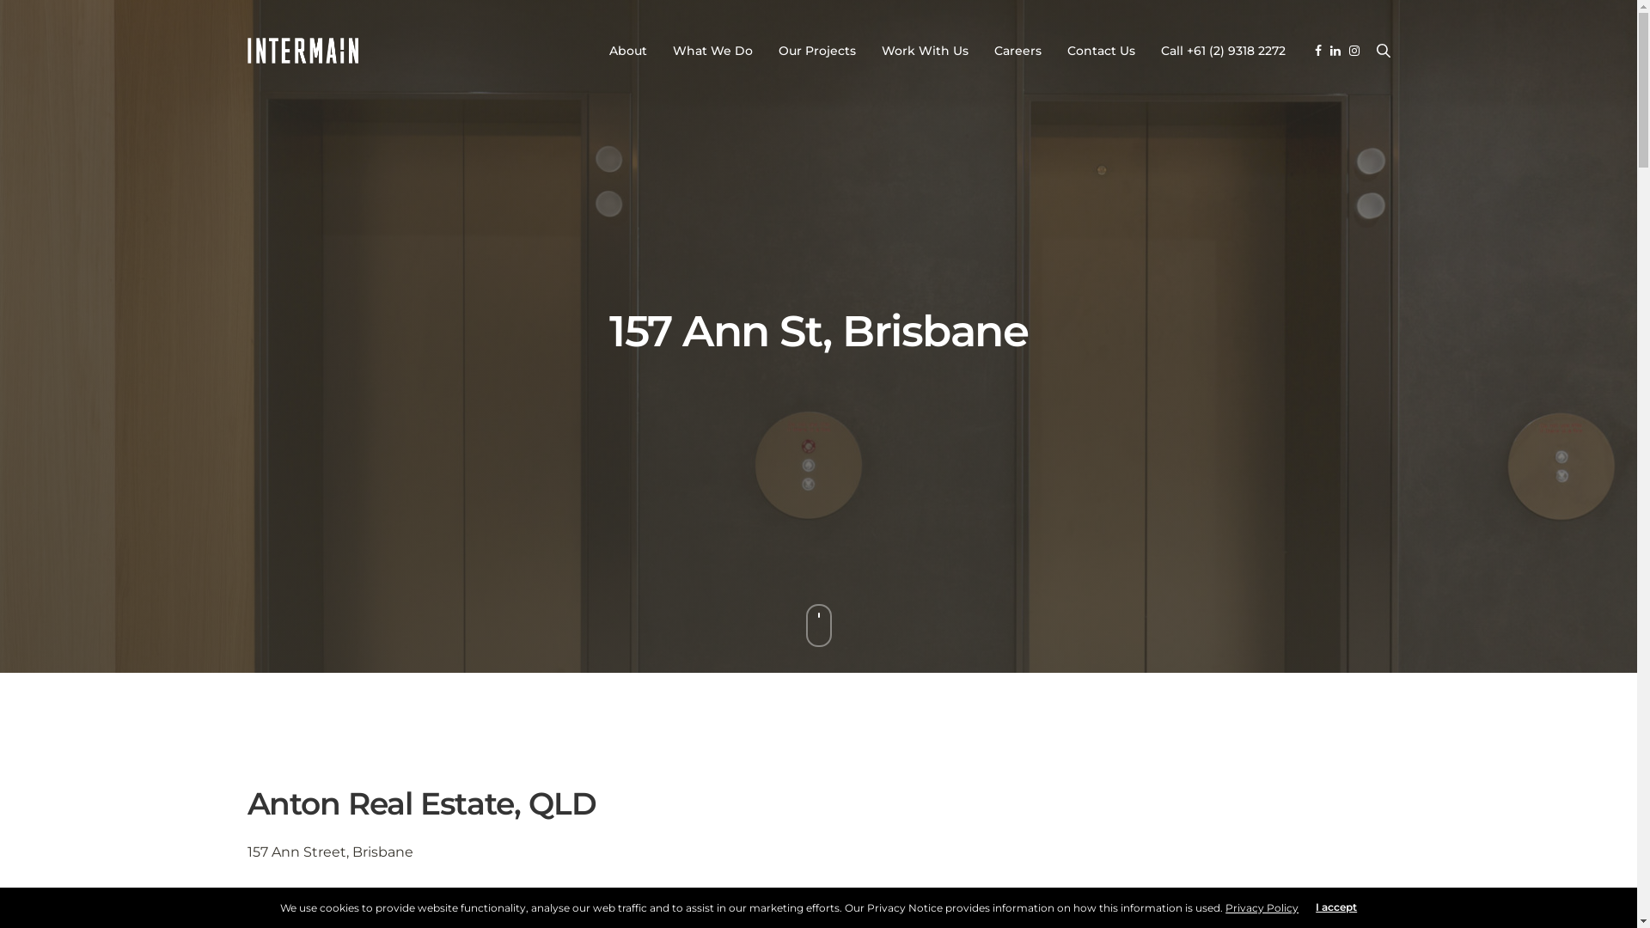 Image resolution: width=1650 pixels, height=928 pixels. I want to click on 'Contact Us', so click(1101, 49).